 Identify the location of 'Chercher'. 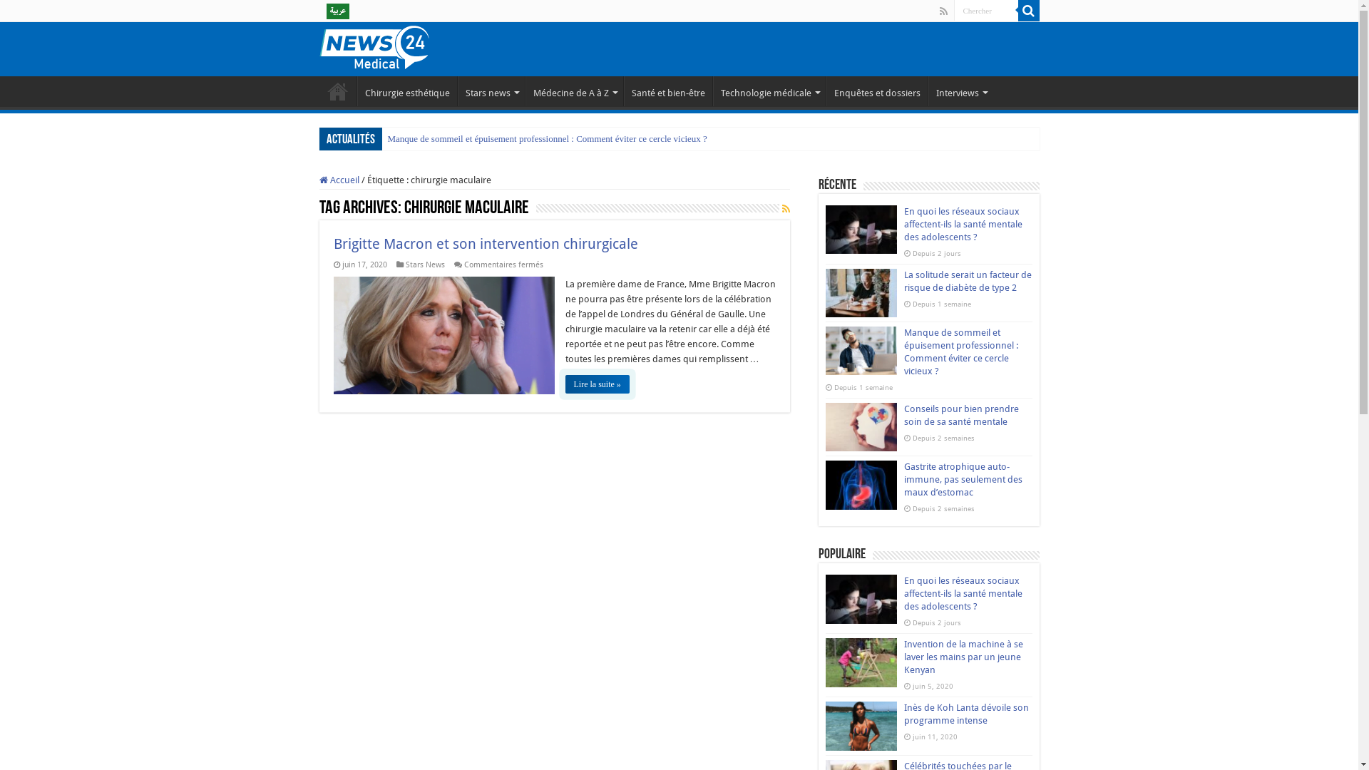
(954, 10).